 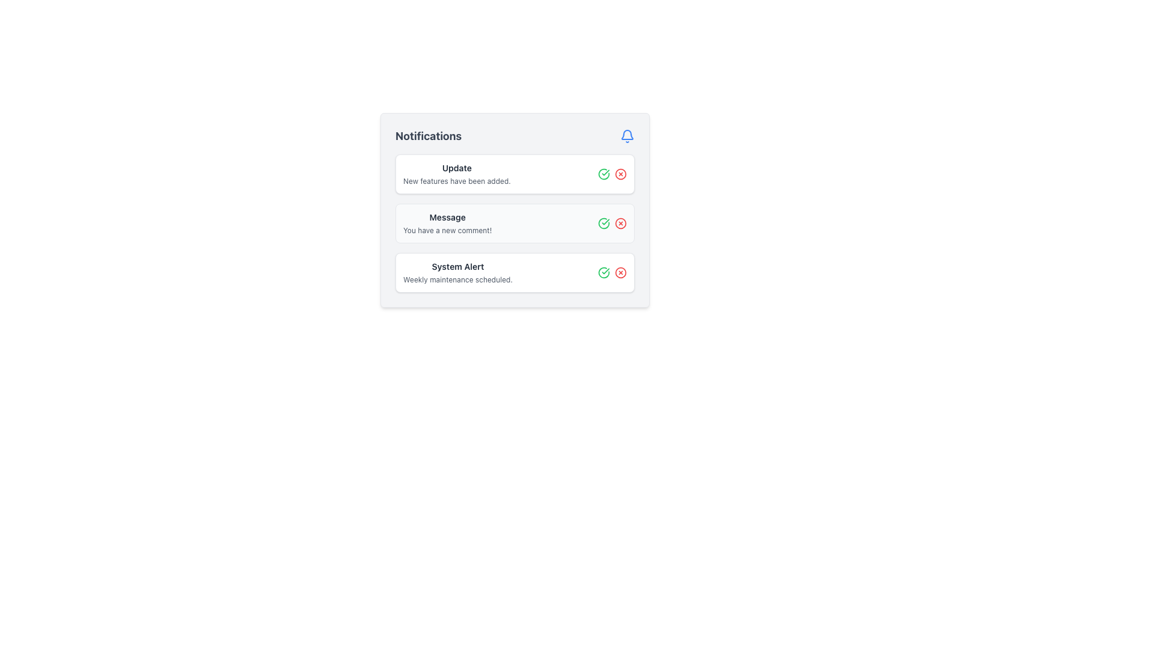 What do you see at coordinates (457, 273) in the screenshot?
I see `Notification item located in the third row of a vertically arranged notification list, just below the Notification header 'Message'` at bounding box center [457, 273].